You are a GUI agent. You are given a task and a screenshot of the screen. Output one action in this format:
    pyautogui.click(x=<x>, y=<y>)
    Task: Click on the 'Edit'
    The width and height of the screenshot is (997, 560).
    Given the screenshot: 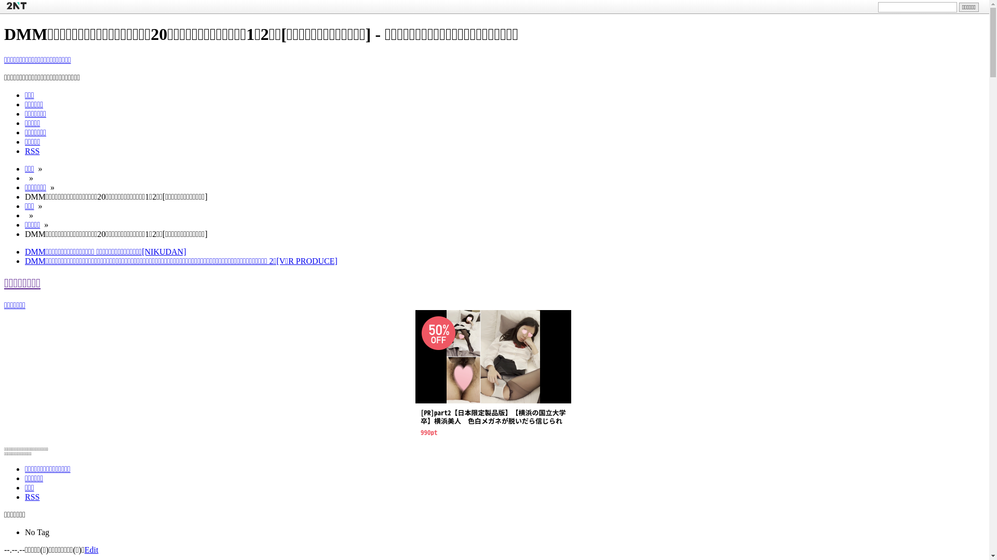 What is the action you would take?
    pyautogui.click(x=85, y=549)
    